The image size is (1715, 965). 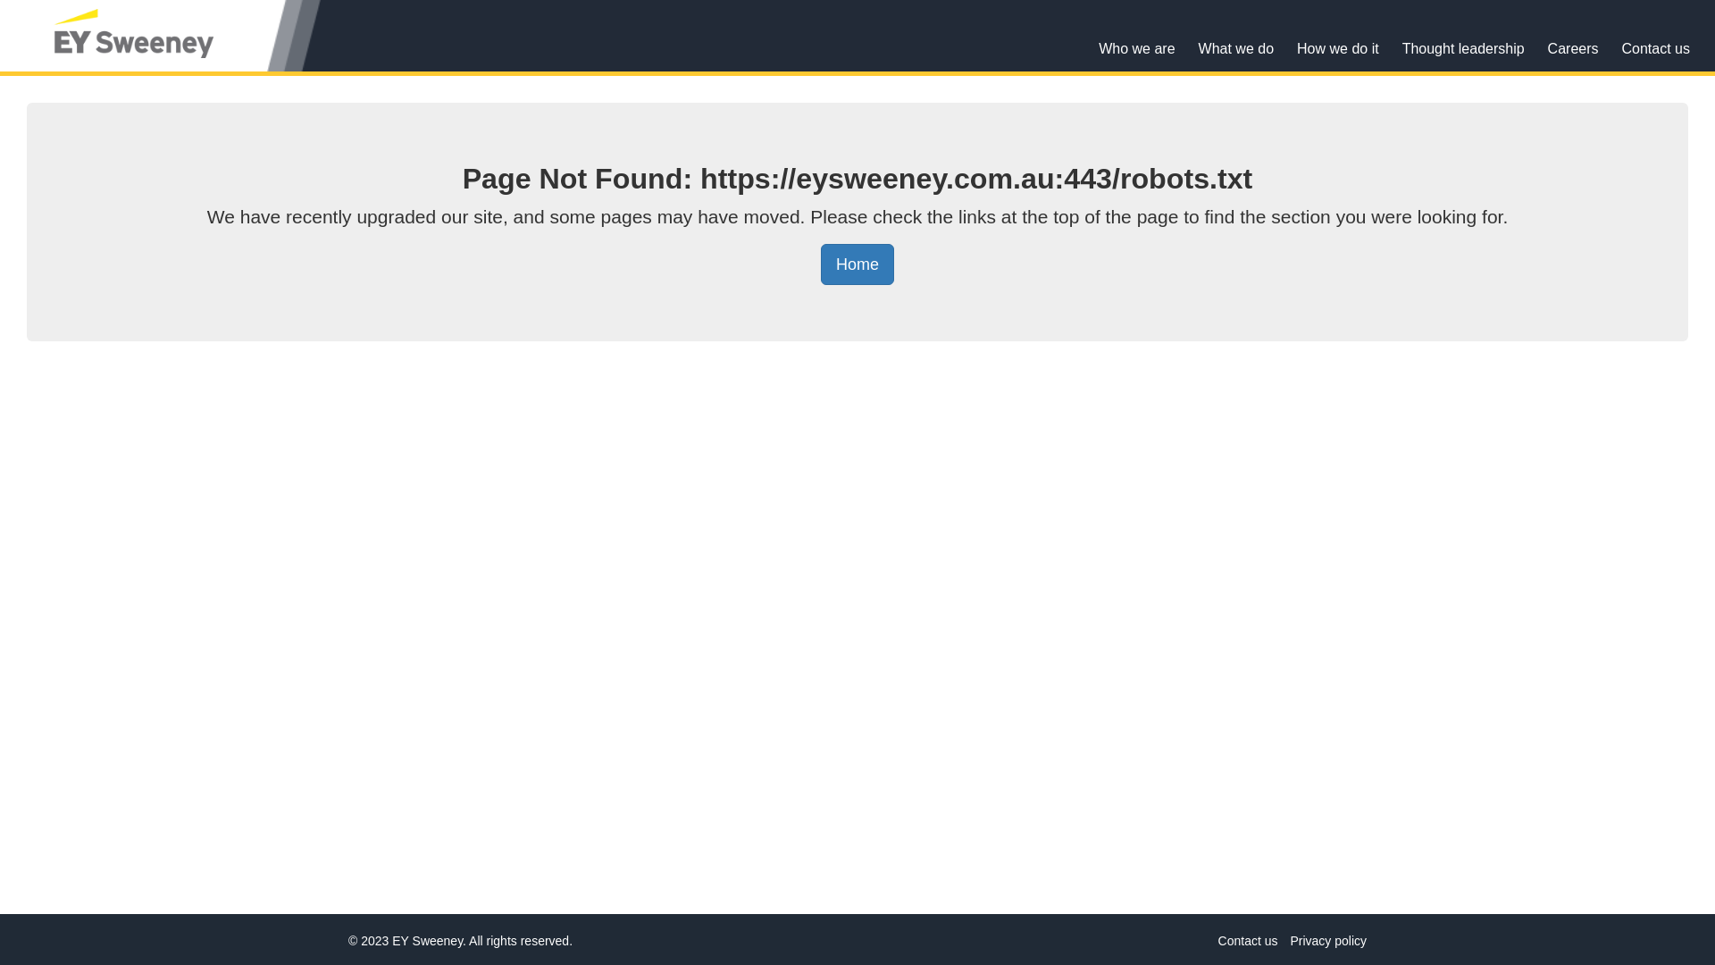 What do you see at coordinates (819, 264) in the screenshot?
I see `'Home'` at bounding box center [819, 264].